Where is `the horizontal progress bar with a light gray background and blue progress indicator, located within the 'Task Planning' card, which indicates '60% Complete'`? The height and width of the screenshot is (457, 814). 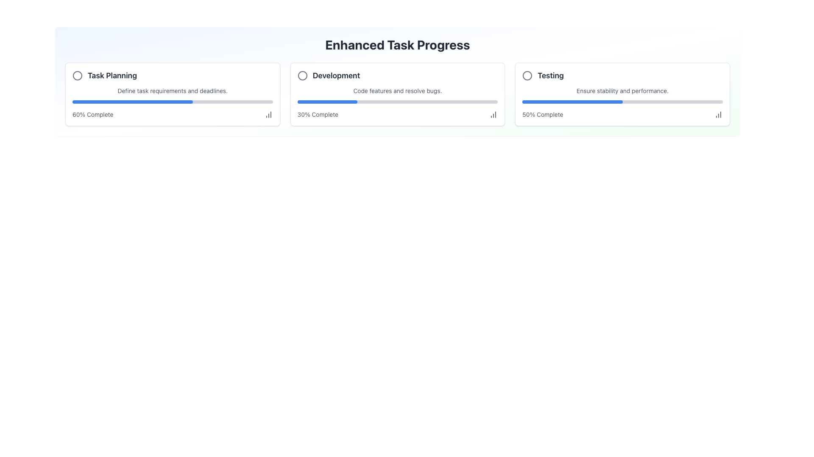
the horizontal progress bar with a light gray background and blue progress indicator, located within the 'Task Planning' card, which indicates '60% Complete' is located at coordinates (172, 101).